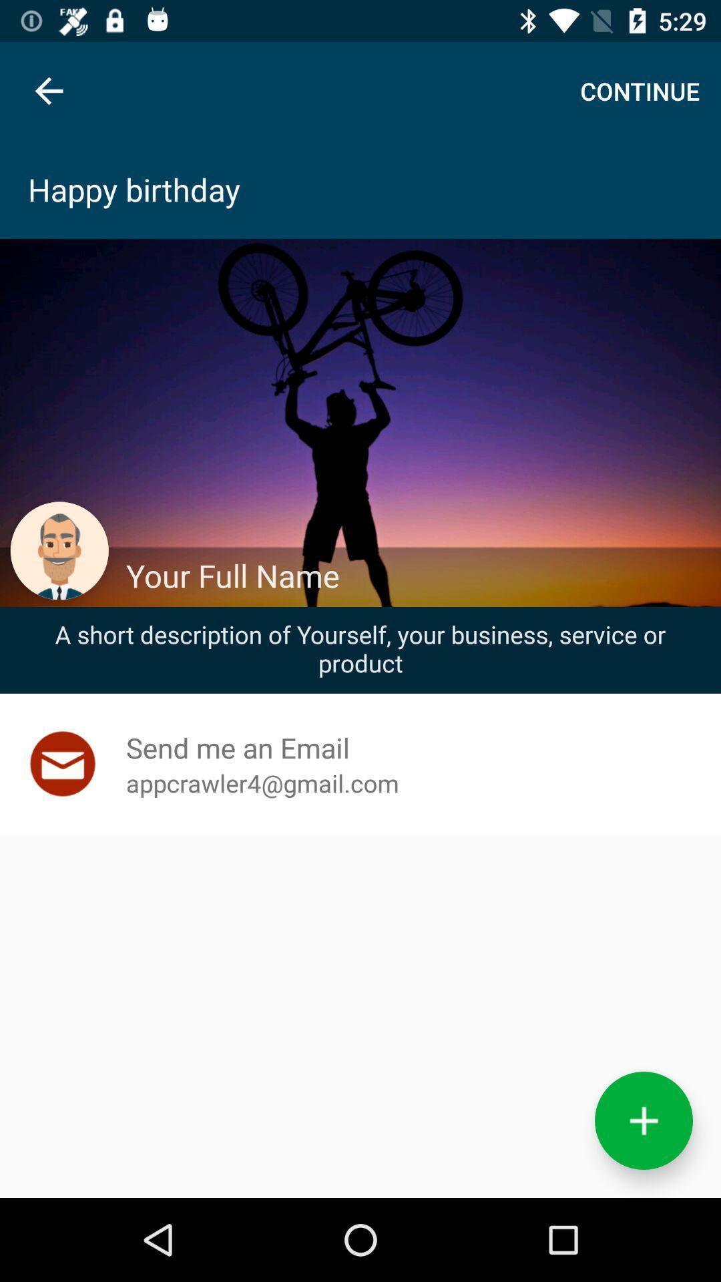  What do you see at coordinates (48, 90) in the screenshot?
I see `item at the top left corner` at bounding box center [48, 90].